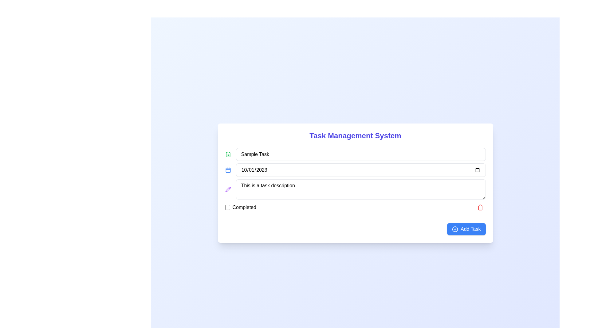 The image size is (590, 331). What do you see at coordinates (228, 189) in the screenshot?
I see `the purple pencil icon, which is positioned to the left of the task description text area in the task management interface, to trigger an action` at bounding box center [228, 189].